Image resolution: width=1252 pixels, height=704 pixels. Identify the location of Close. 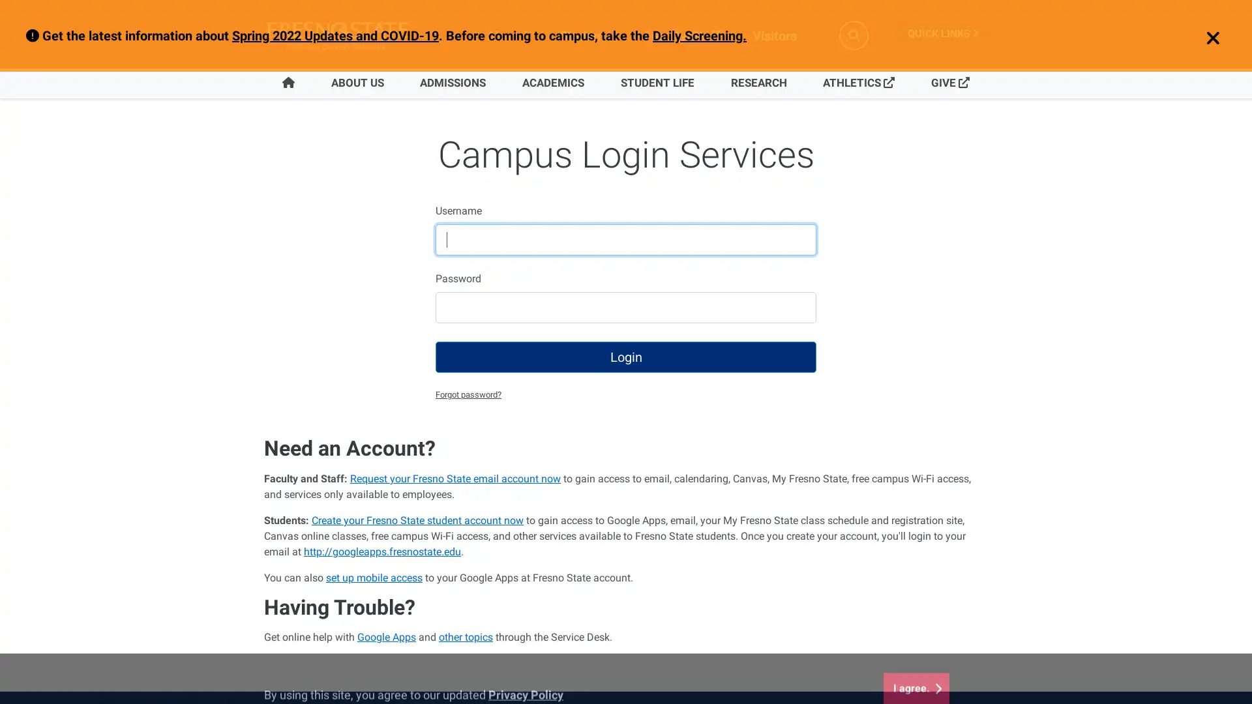
(1205, 38).